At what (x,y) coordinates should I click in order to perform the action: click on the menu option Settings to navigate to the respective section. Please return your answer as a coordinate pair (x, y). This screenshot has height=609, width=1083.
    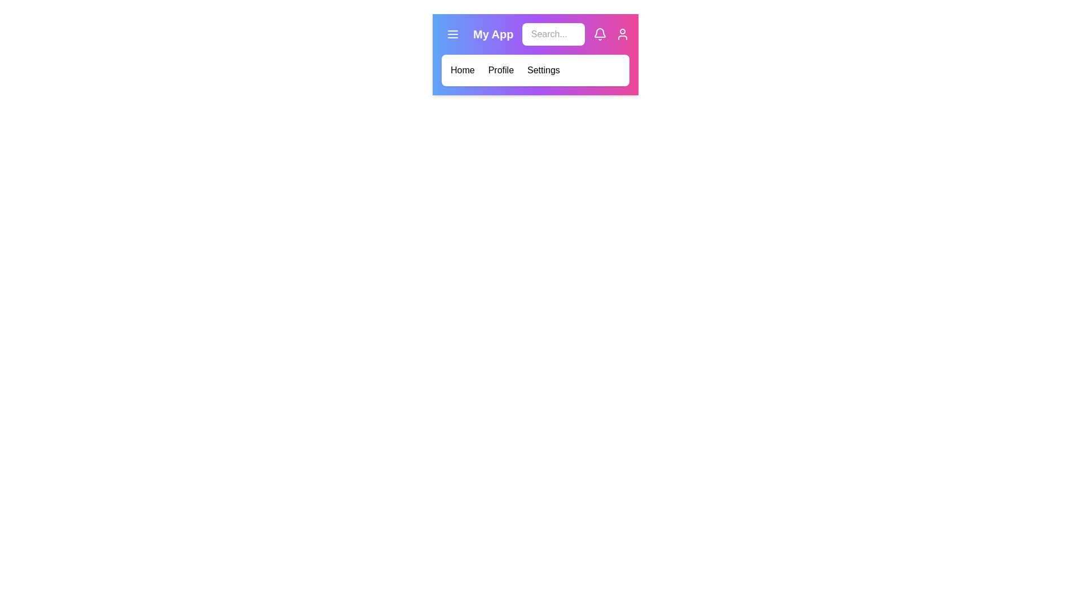
    Looking at the image, I should click on (543, 70).